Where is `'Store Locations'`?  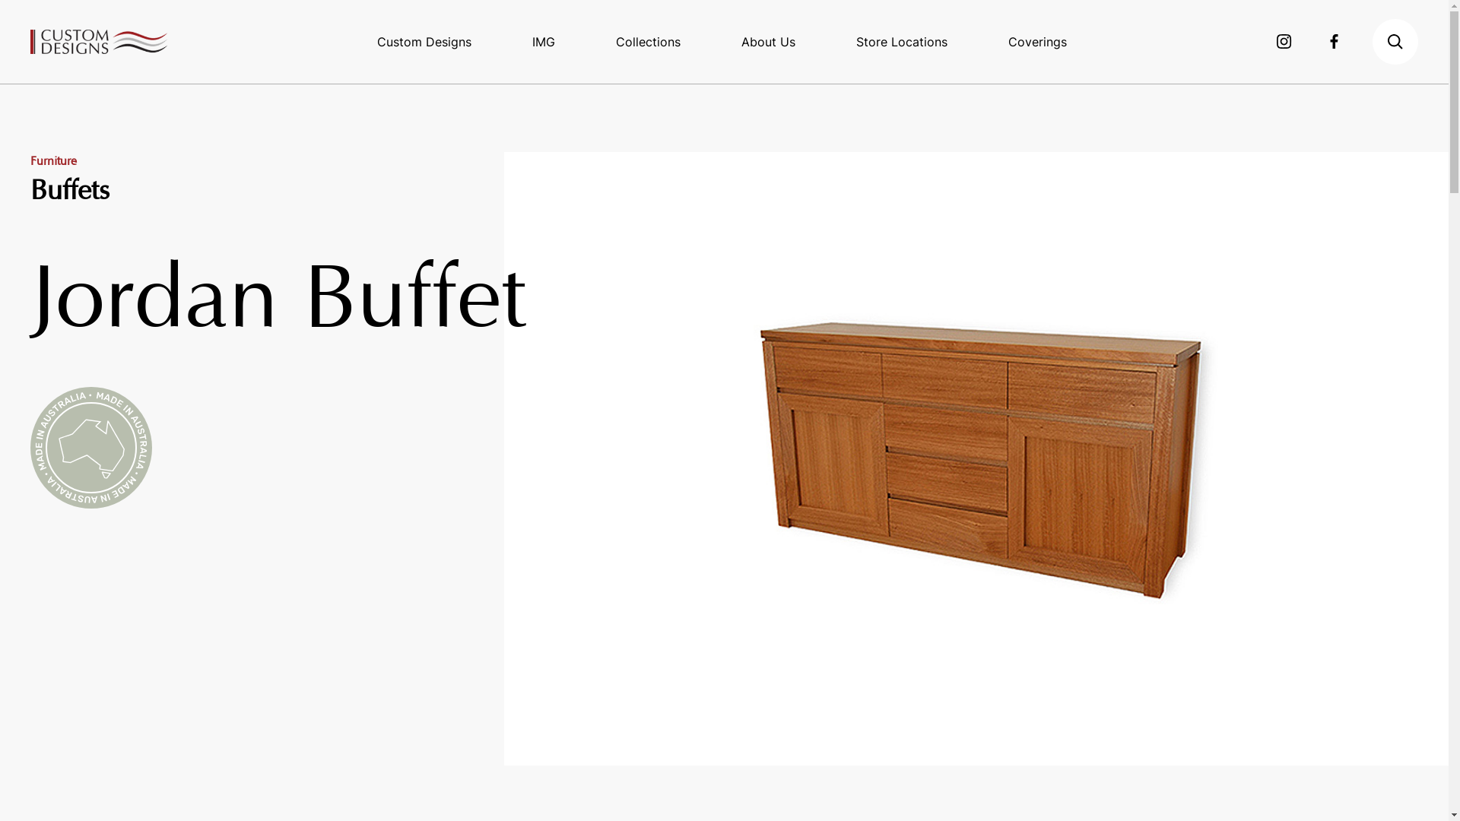 'Store Locations' is located at coordinates (901, 40).